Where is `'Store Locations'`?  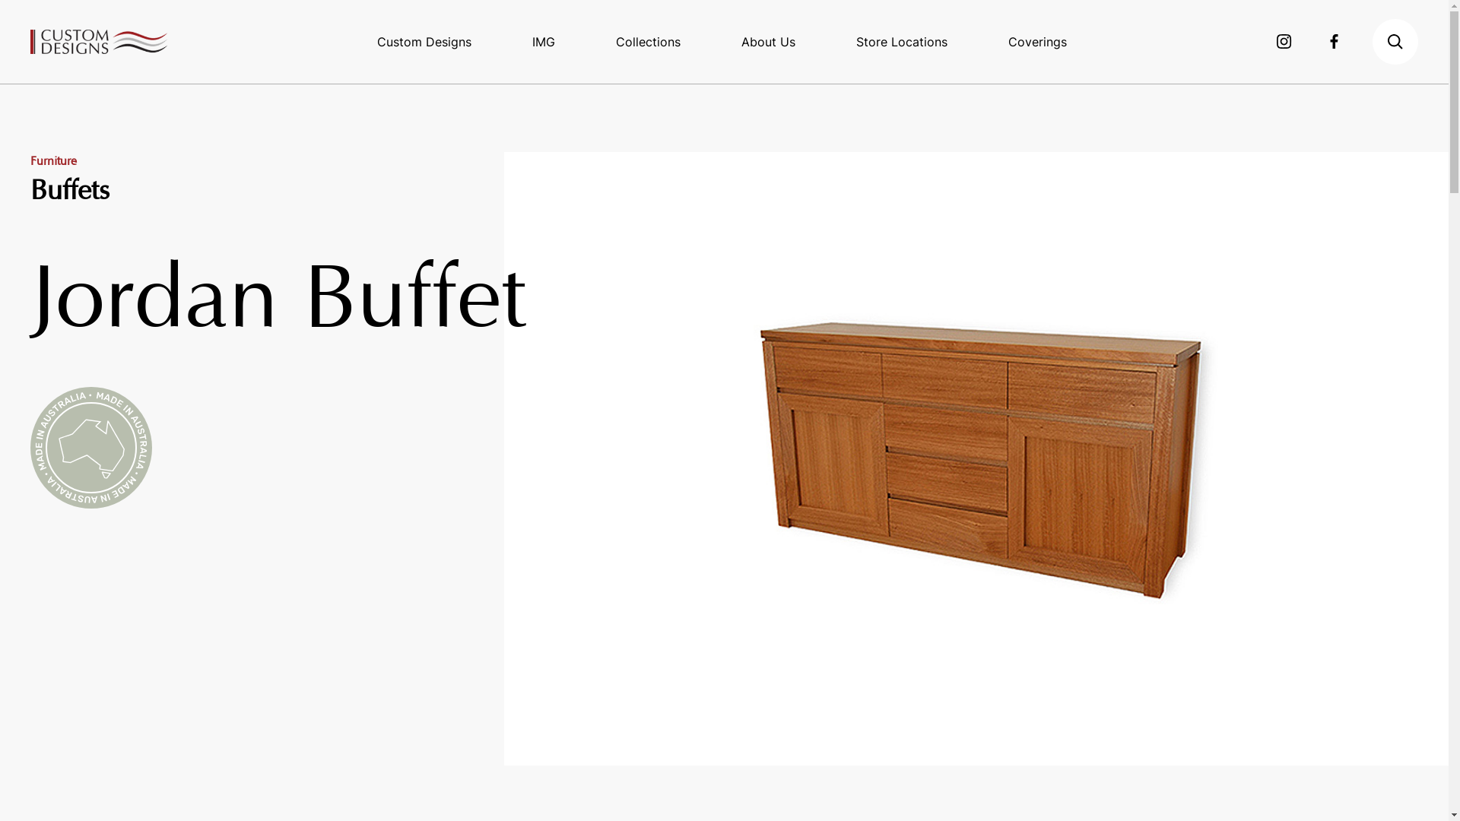 'Store Locations' is located at coordinates (901, 40).